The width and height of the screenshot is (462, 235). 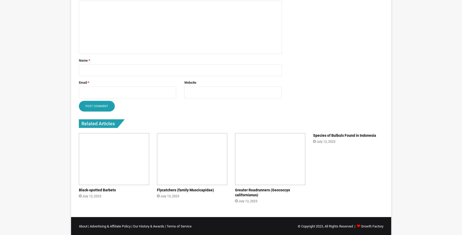 What do you see at coordinates (313, 135) in the screenshot?
I see `'Species of Bulbuls Found in Indonesia'` at bounding box center [313, 135].